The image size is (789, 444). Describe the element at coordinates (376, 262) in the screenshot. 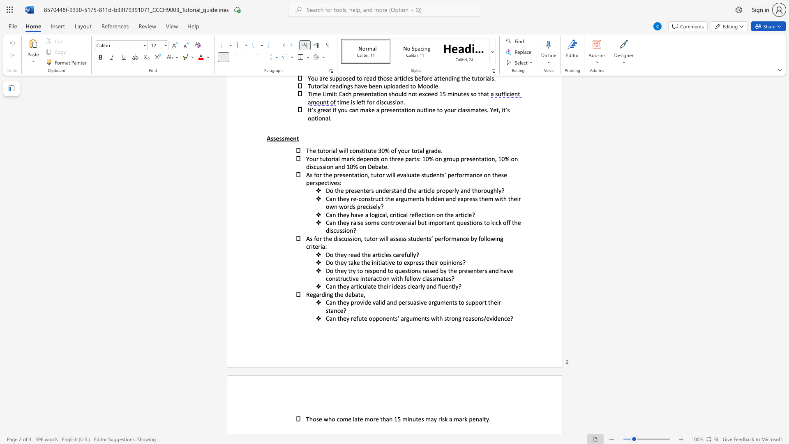

I see `the subset text "itiative to express their opini" within the text "Do they take the initiative to express their opinions?"` at that location.